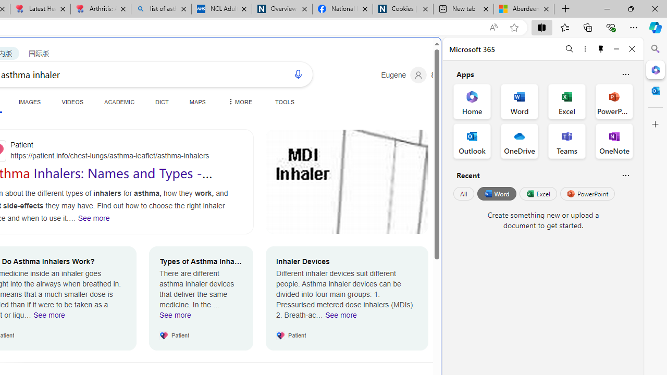 The height and width of the screenshot is (375, 667). I want to click on 'Search using voice', so click(298, 73).